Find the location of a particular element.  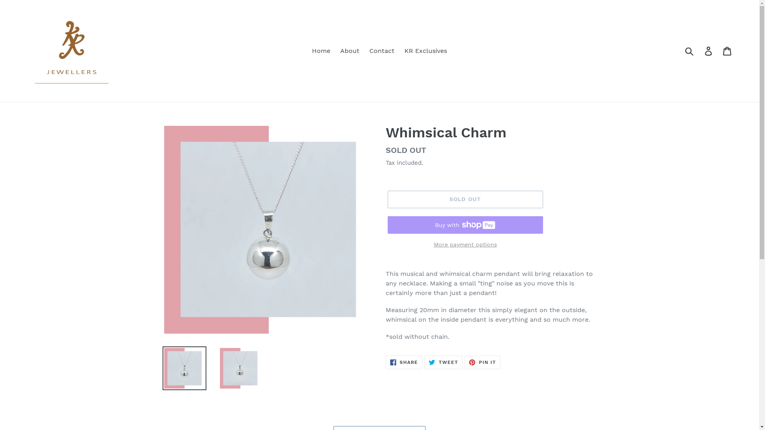

'Home' is located at coordinates (321, 51).